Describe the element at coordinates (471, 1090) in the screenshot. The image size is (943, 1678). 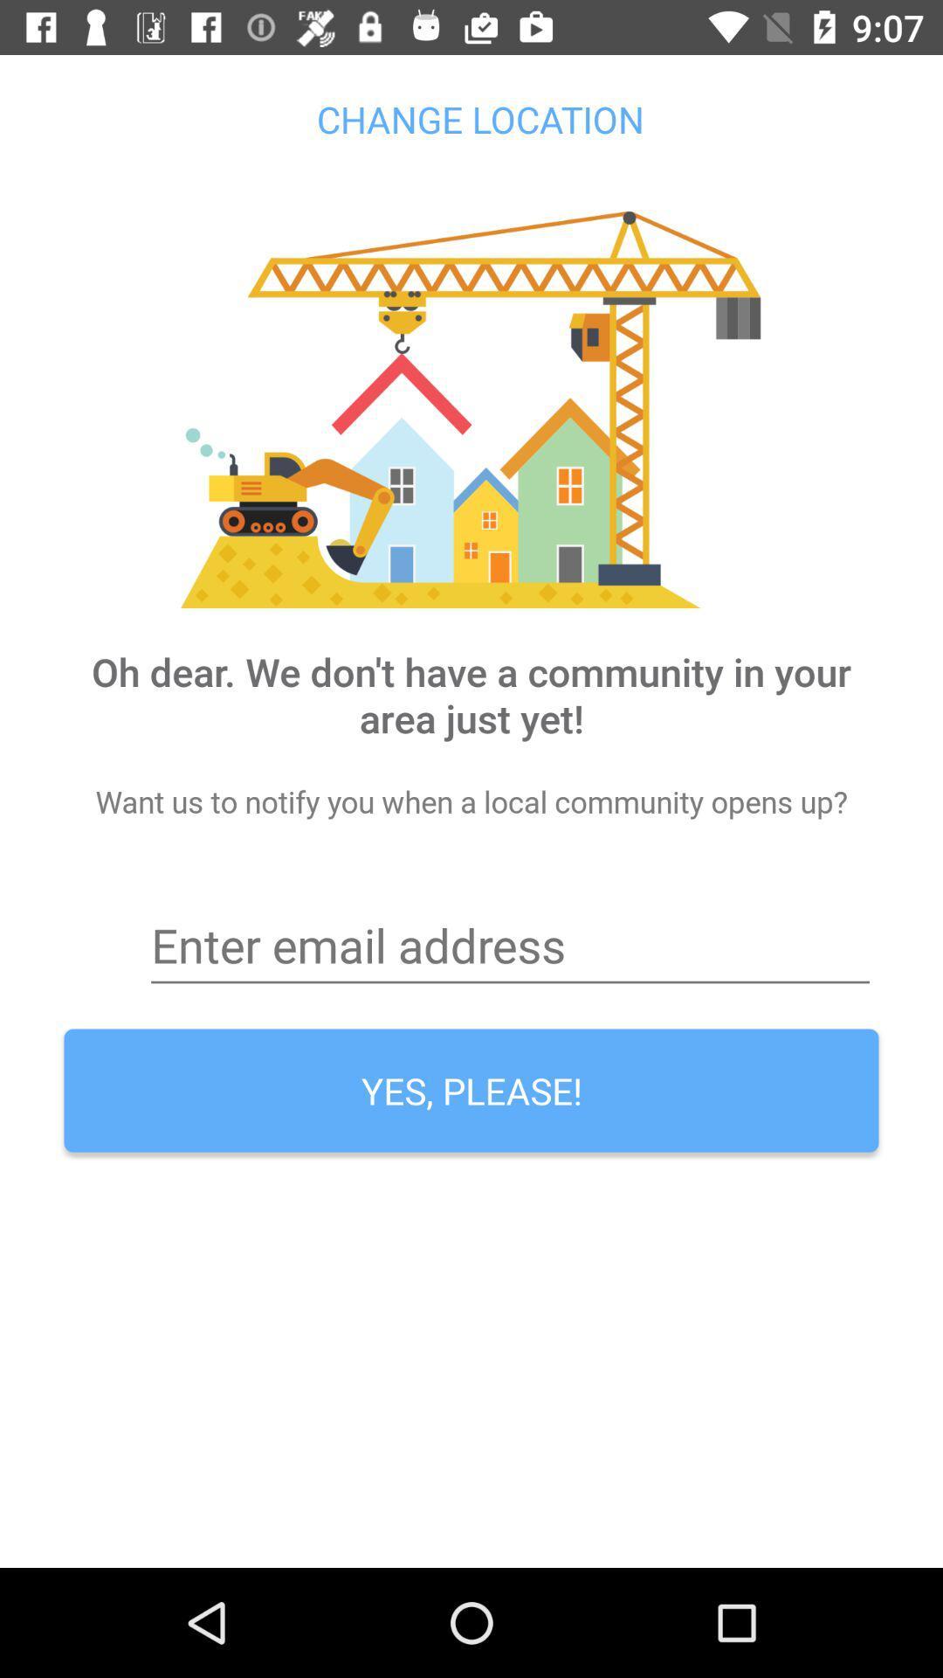
I see `the yes, please!` at that location.